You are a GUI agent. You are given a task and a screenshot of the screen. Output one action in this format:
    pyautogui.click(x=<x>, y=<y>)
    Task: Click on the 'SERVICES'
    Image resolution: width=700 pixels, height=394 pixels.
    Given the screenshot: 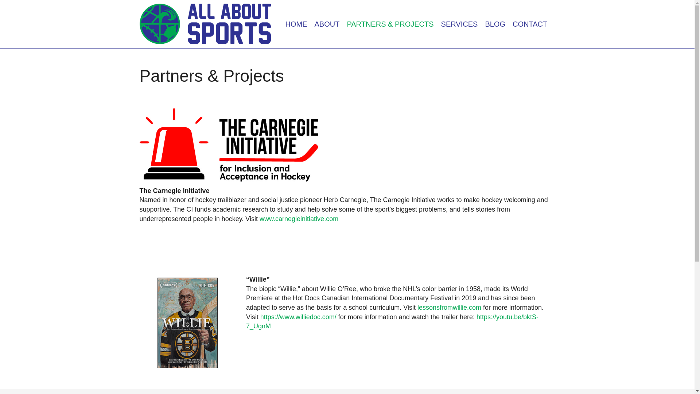 What is the action you would take?
    pyautogui.click(x=459, y=23)
    